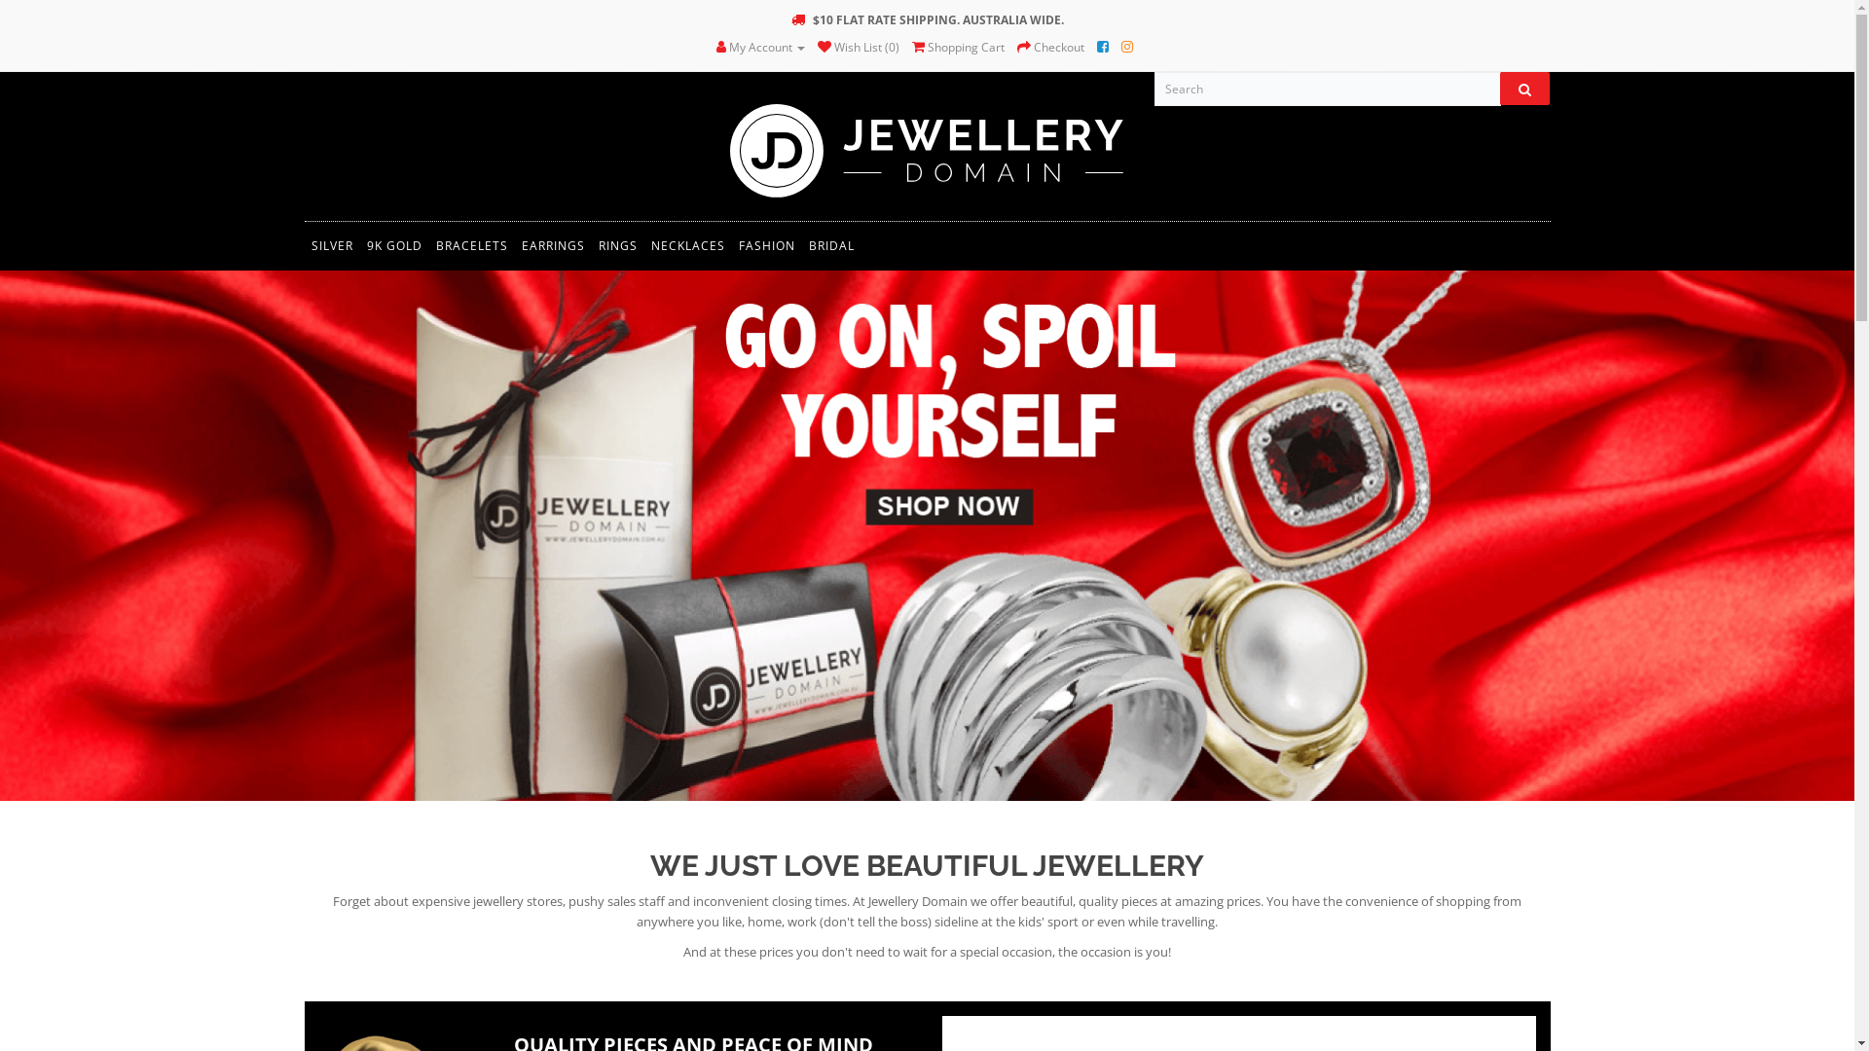  Describe the element at coordinates (471, 245) in the screenshot. I see `'BRACELETS'` at that location.